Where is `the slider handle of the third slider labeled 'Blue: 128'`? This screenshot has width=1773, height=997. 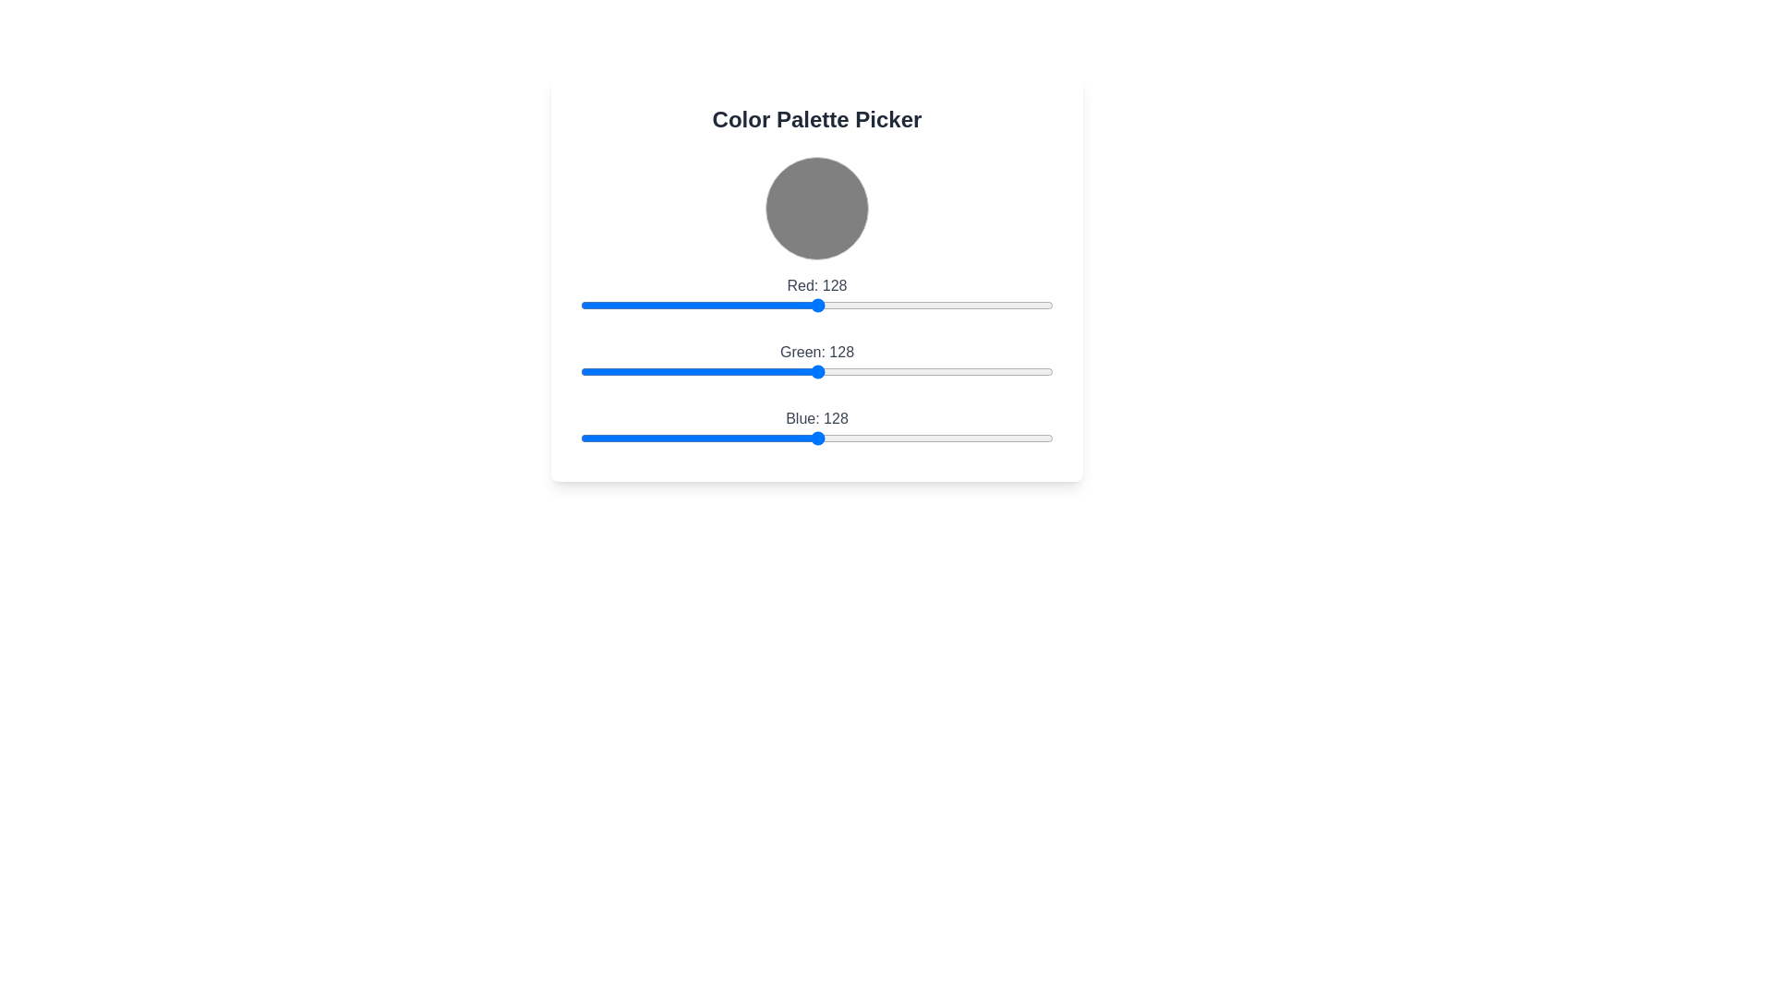
the slider handle of the third slider labeled 'Blue: 128' is located at coordinates (815, 430).